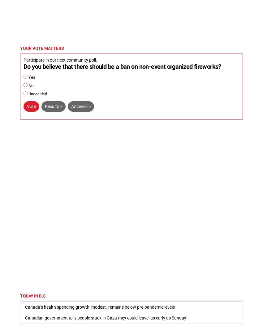  I want to click on 'Archives >', so click(80, 106).